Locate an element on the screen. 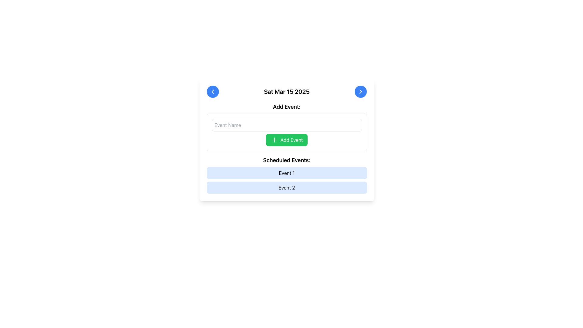 Image resolution: width=583 pixels, height=328 pixels. the blue circular button containing the arrow icon is located at coordinates (213, 91).